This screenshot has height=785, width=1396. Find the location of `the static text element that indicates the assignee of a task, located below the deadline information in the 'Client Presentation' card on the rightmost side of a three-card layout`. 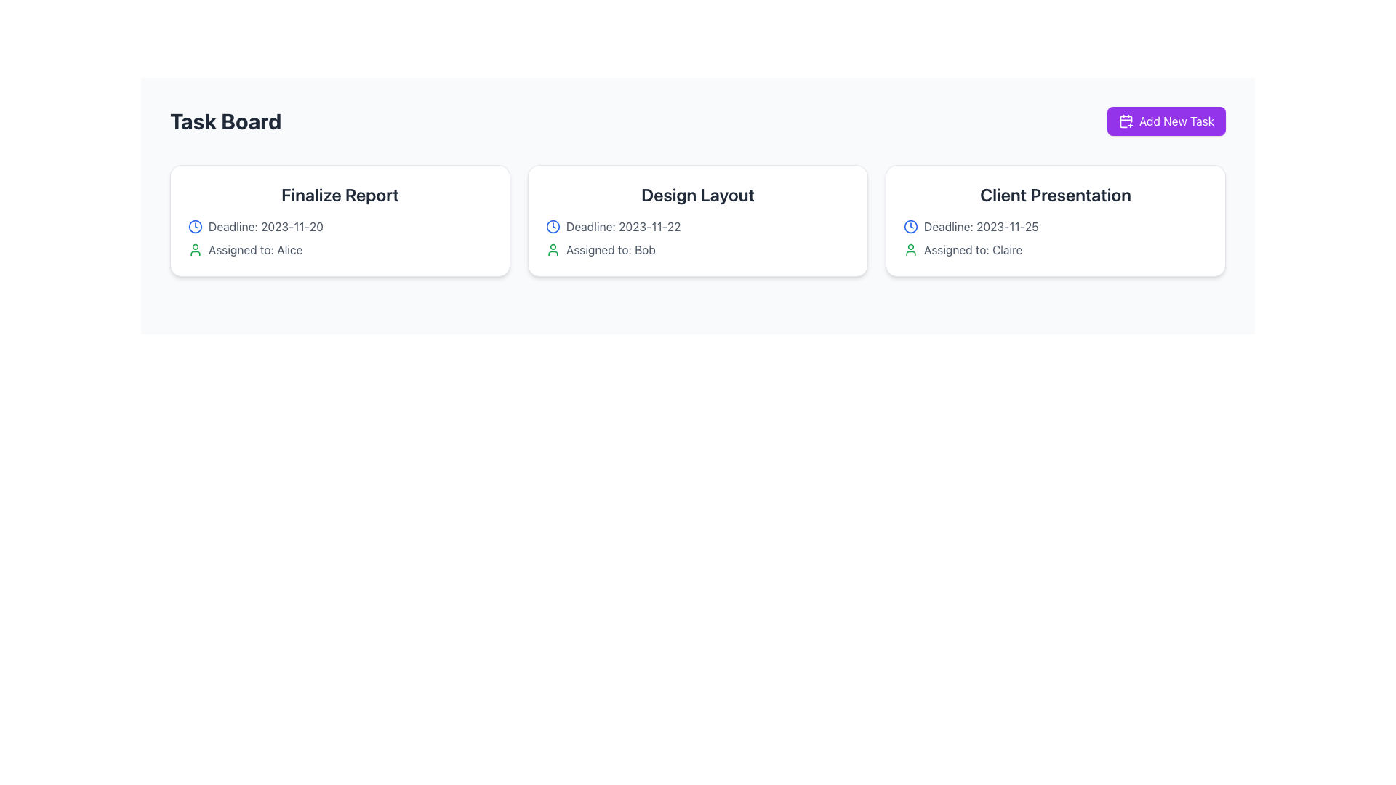

the static text element that indicates the assignee of a task, located below the deadline information in the 'Client Presentation' card on the rightmost side of a three-card layout is located at coordinates (973, 249).